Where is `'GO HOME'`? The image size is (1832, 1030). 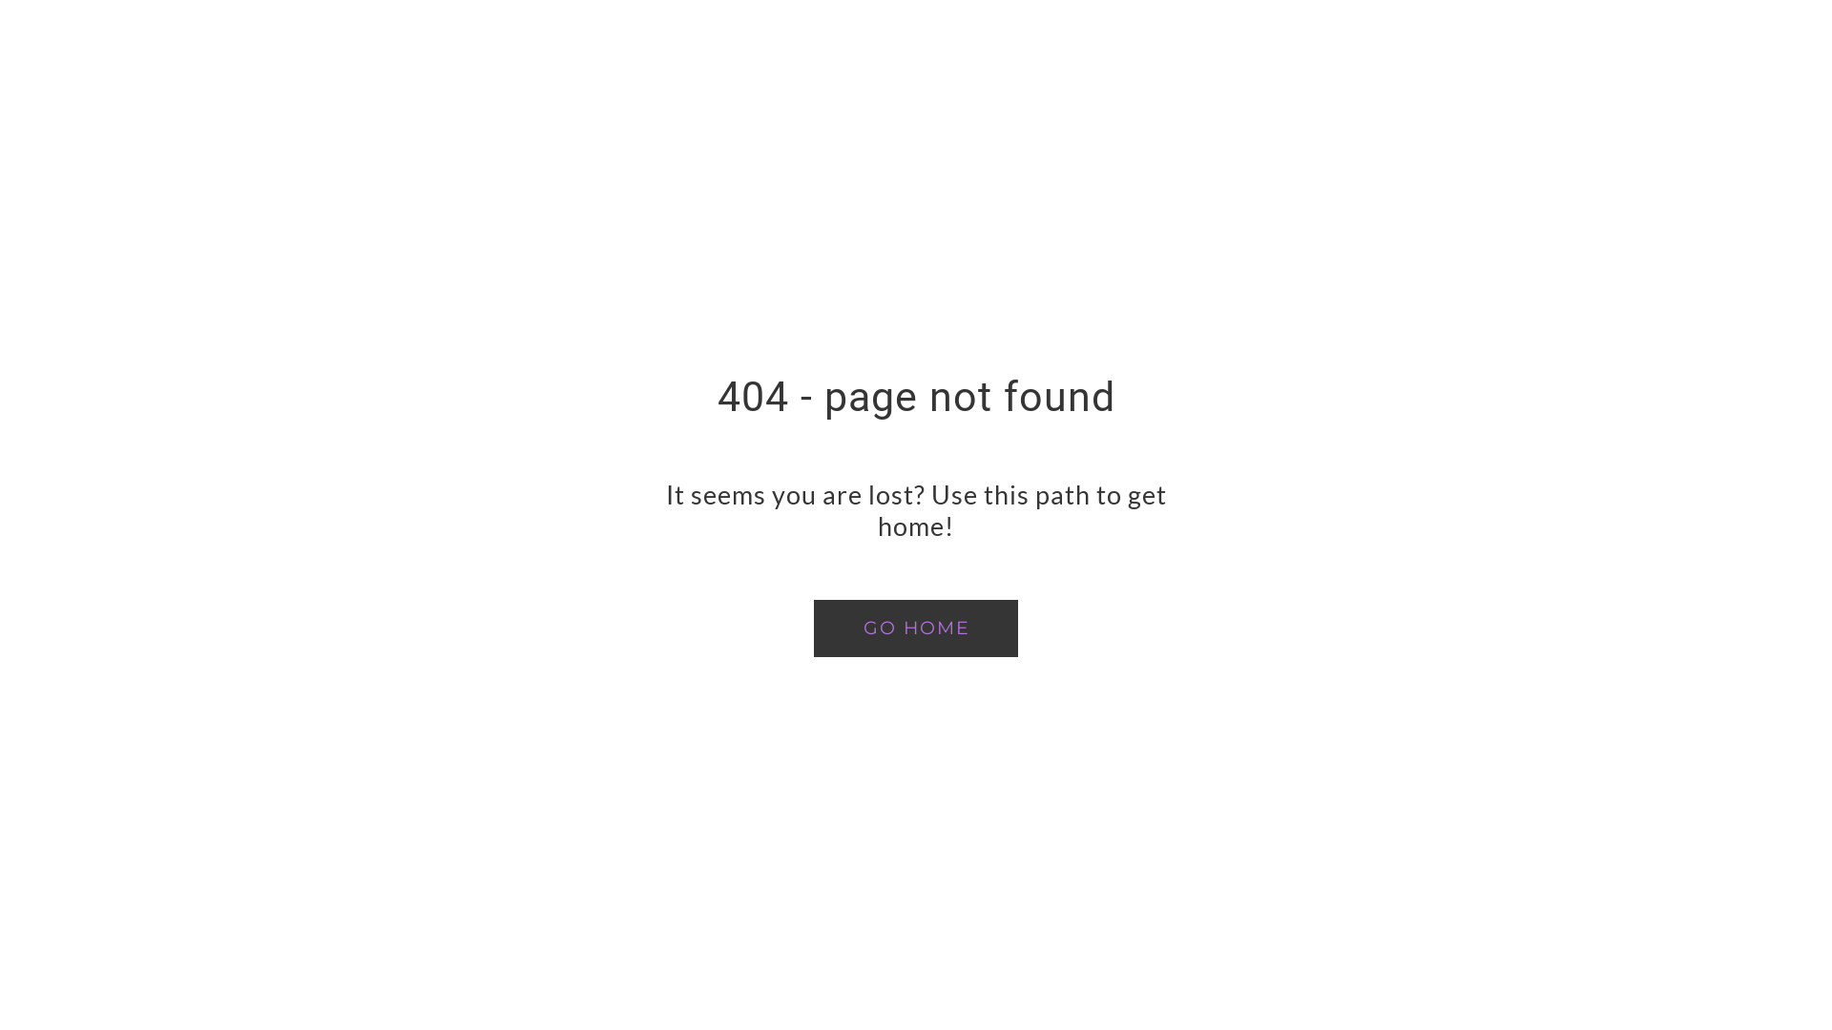 'GO HOME' is located at coordinates (916, 628).